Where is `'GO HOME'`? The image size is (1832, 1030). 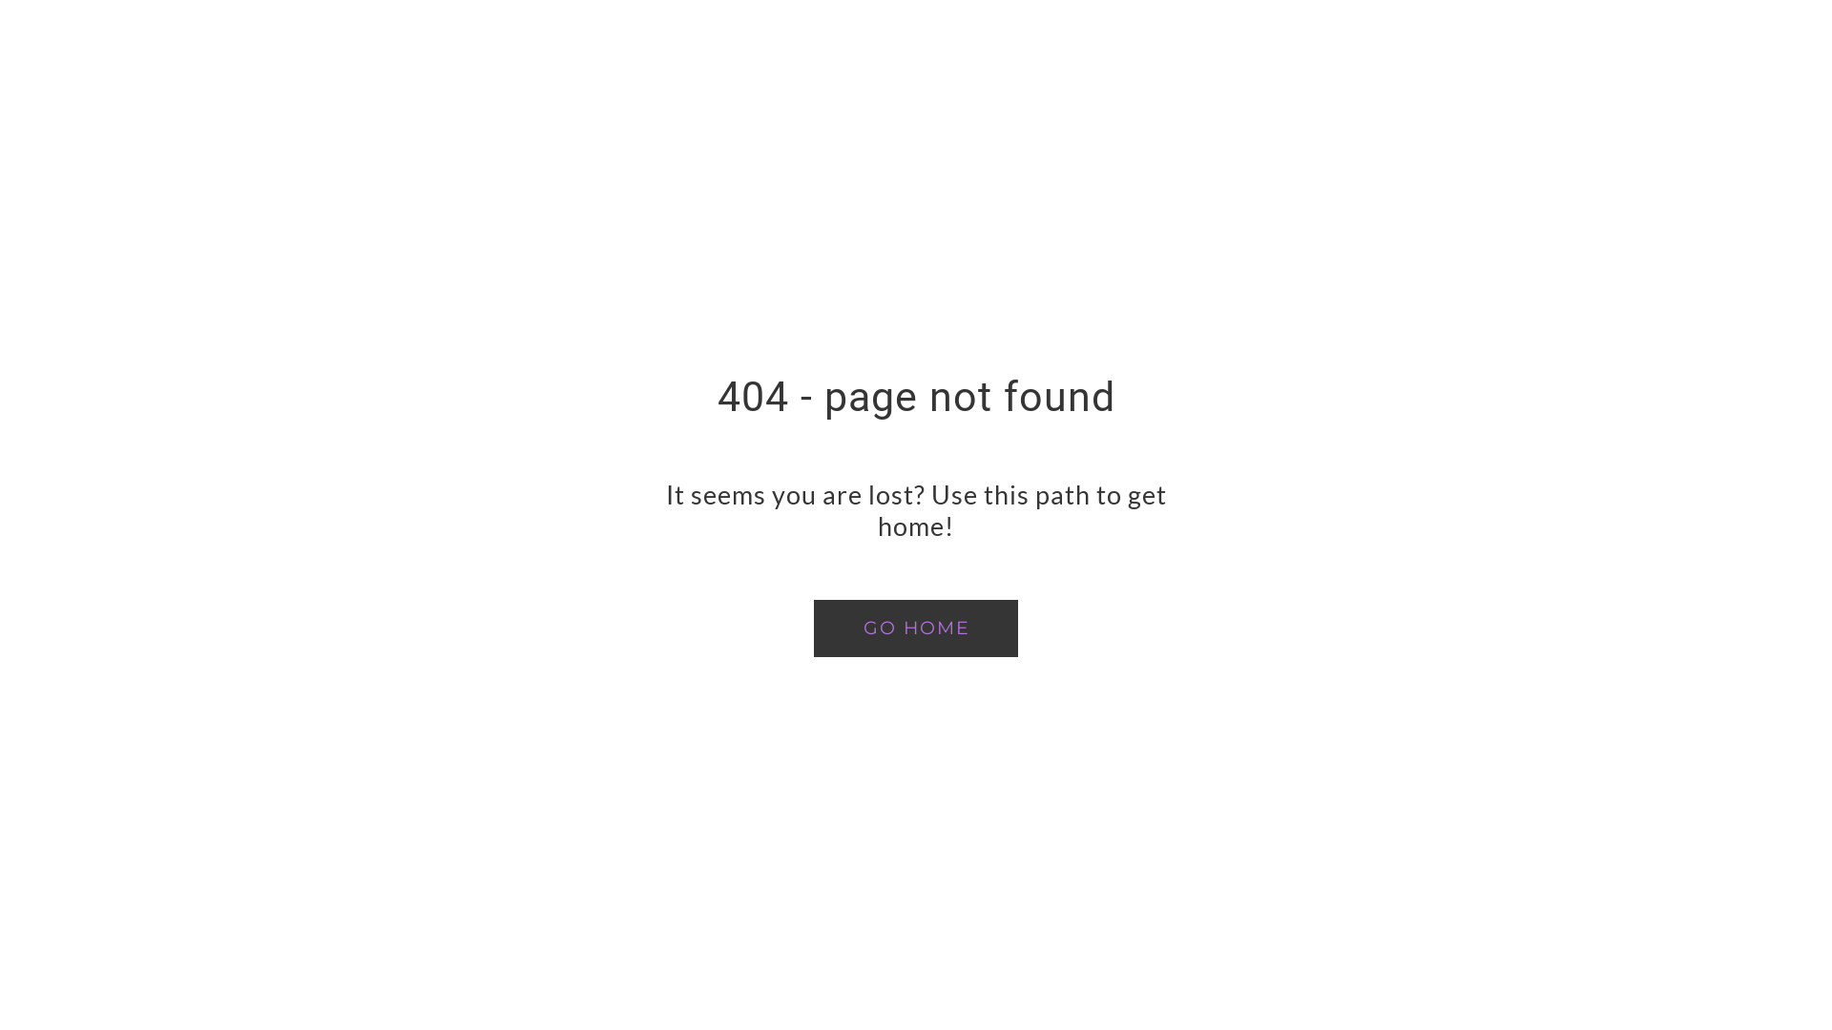 'GO HOME' is located at coordinates (916, 628).